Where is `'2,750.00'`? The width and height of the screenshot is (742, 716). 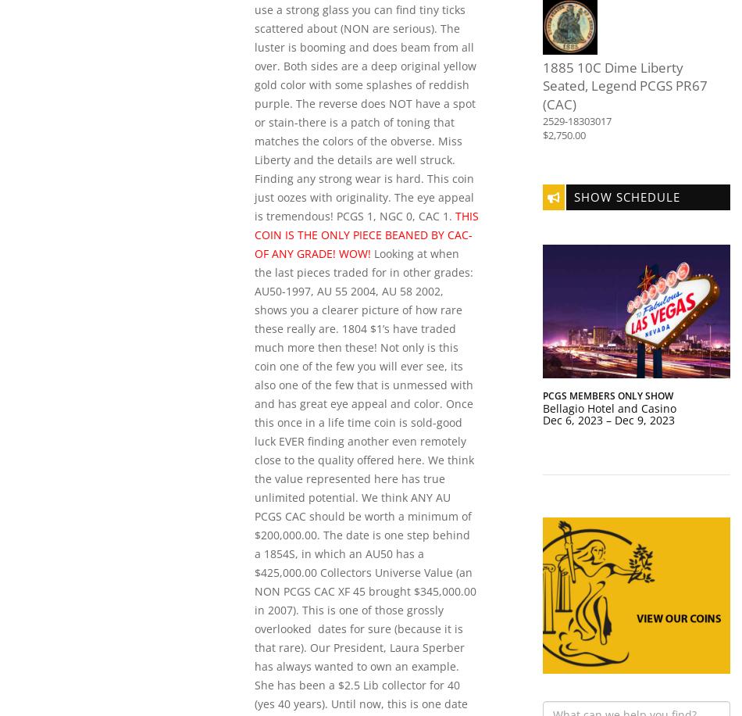
'2,750.00' is located at coordinates (565, 134).